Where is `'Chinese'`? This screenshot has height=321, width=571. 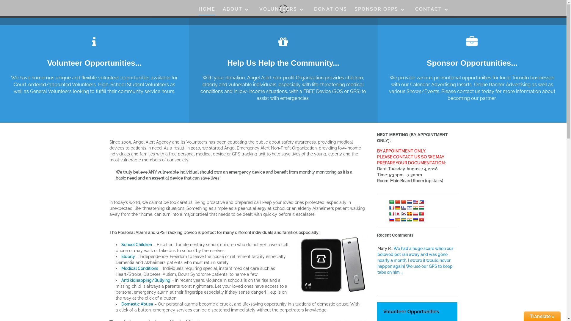 'Chinese' is located at coordinates (398, 201).